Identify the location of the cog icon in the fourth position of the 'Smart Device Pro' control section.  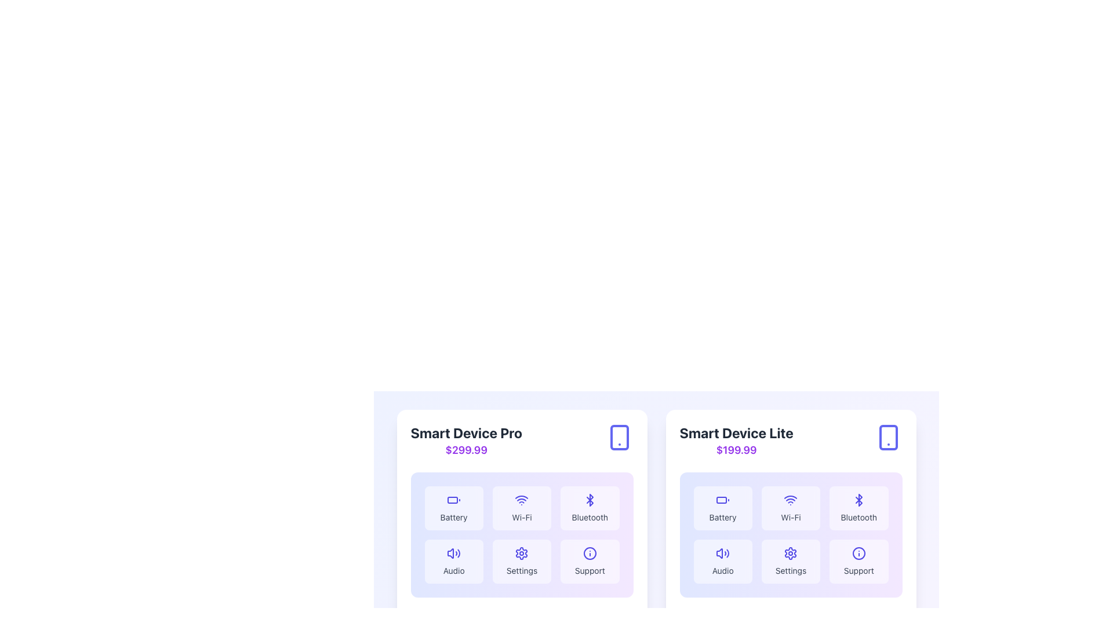
(521, 553).